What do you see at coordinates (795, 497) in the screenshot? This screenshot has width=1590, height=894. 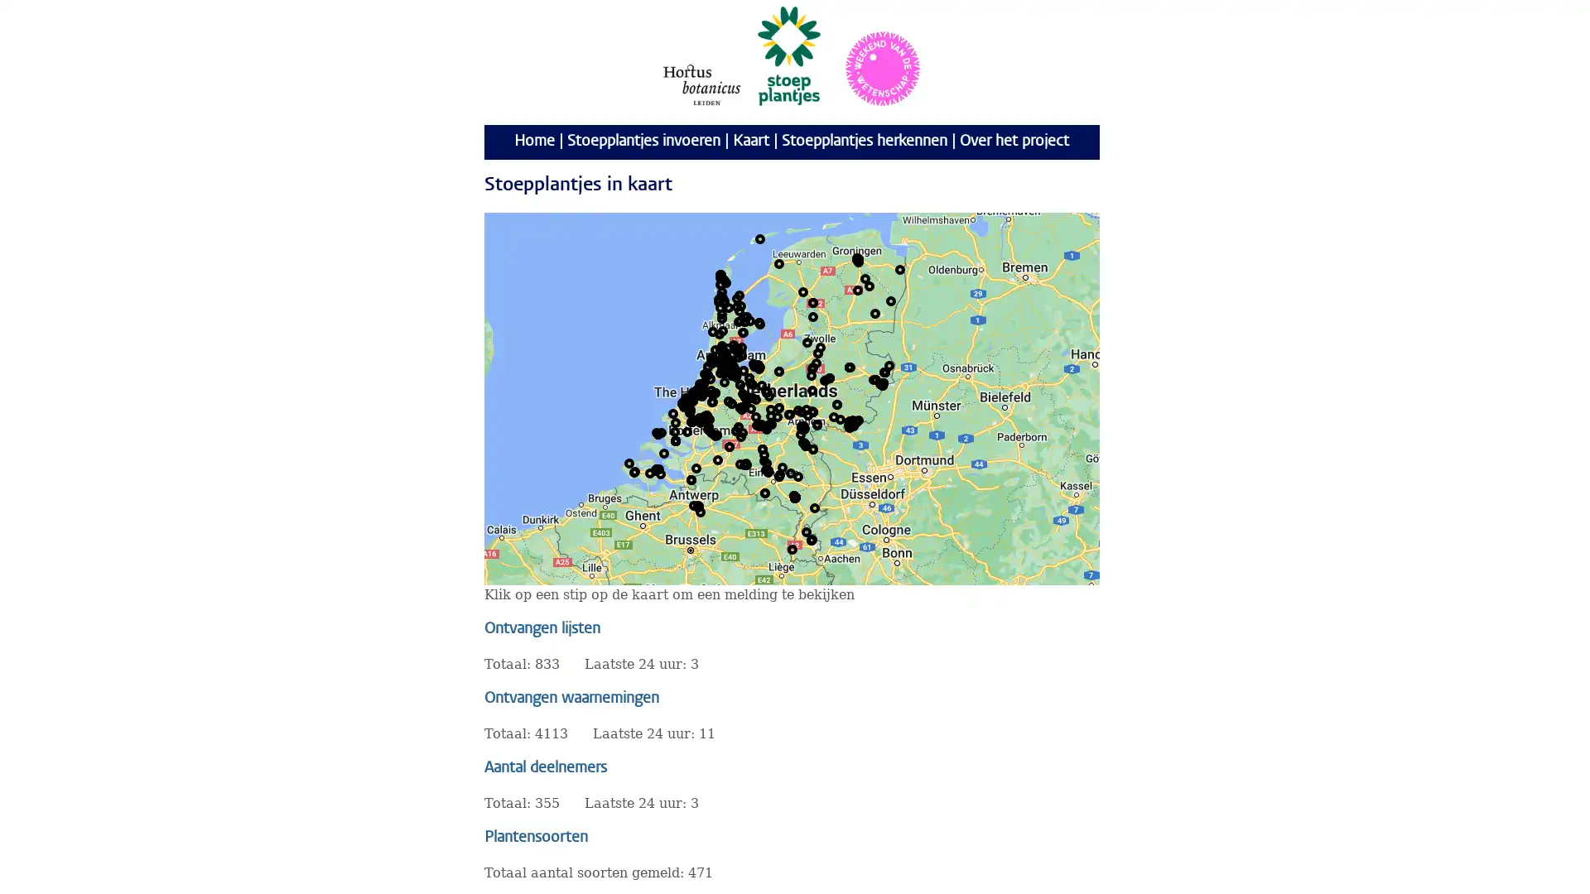 I see `Telling van Ton Frenken op 27 juni 2022` at bounding box center [795, 497].